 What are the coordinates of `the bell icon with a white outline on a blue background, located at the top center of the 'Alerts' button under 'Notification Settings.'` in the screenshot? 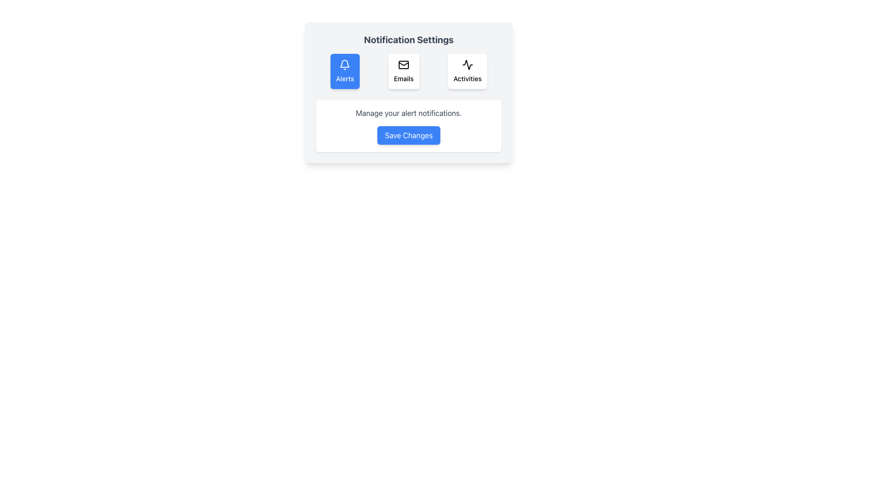 It's located at (344, 64).